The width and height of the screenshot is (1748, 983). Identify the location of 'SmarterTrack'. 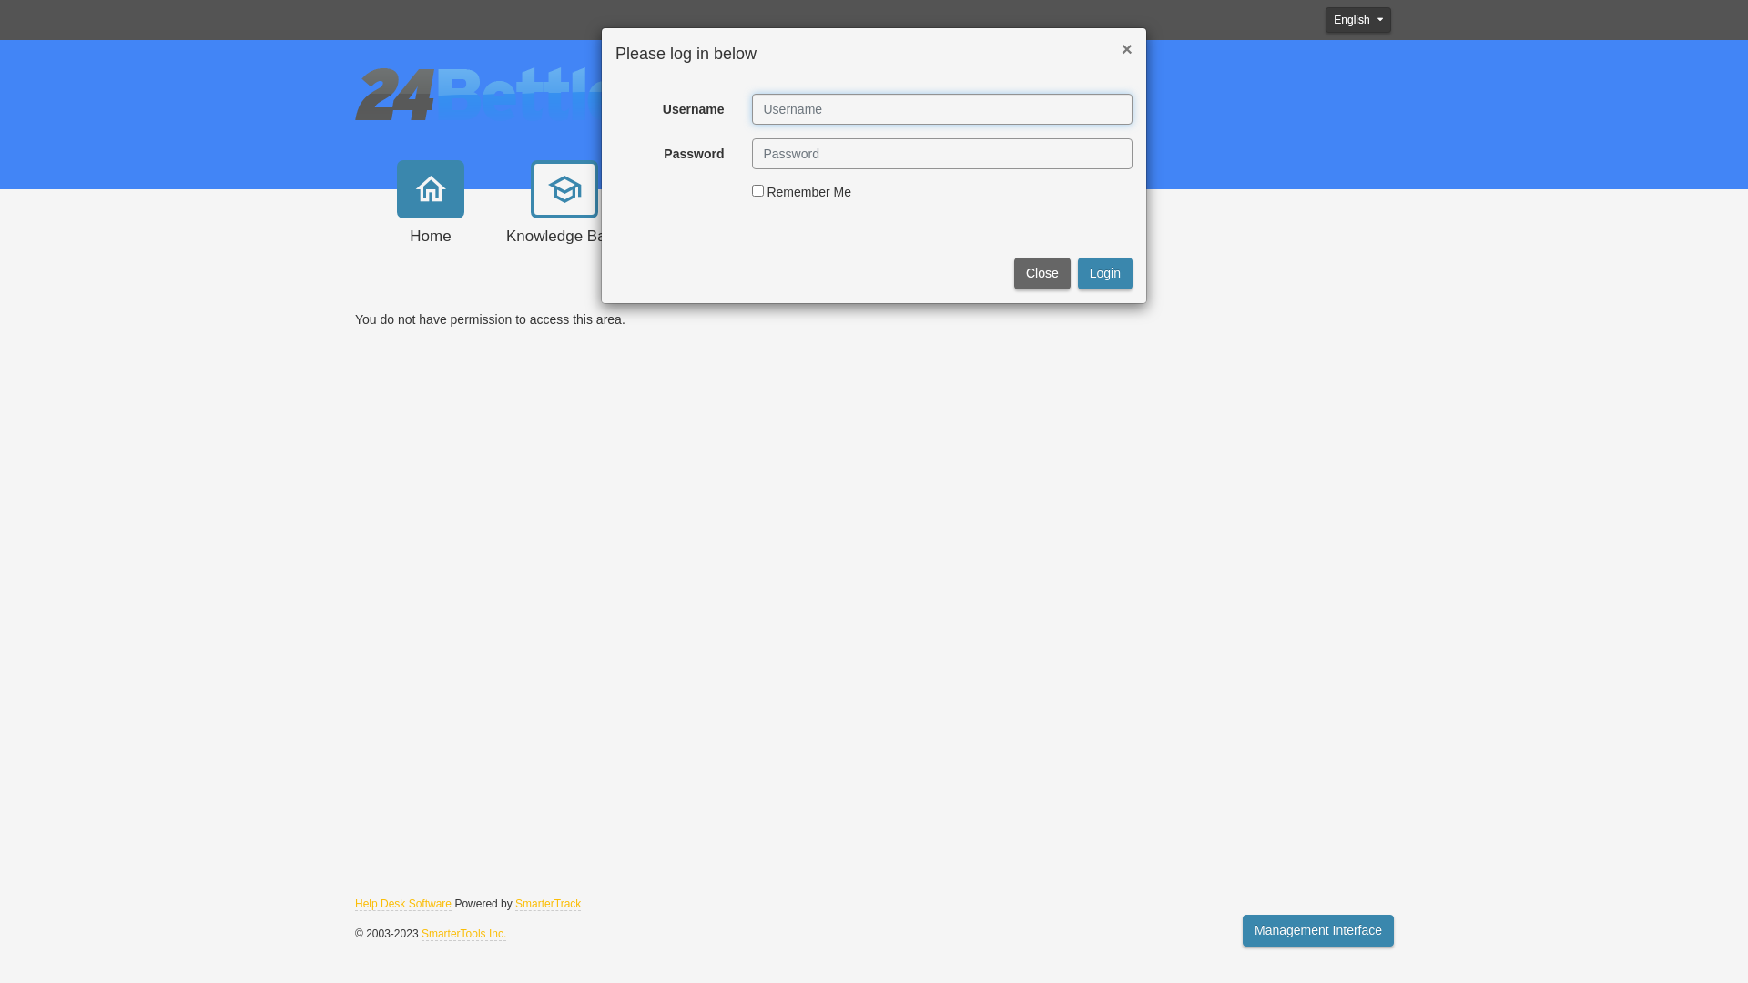
(514, 904).